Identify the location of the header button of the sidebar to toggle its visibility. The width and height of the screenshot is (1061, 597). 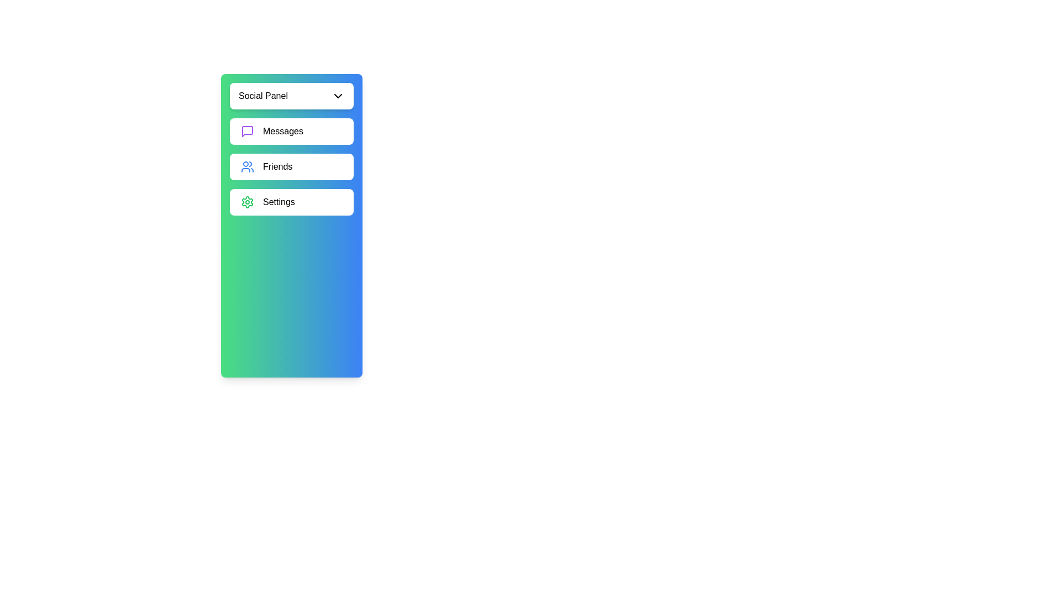
(292, 95).